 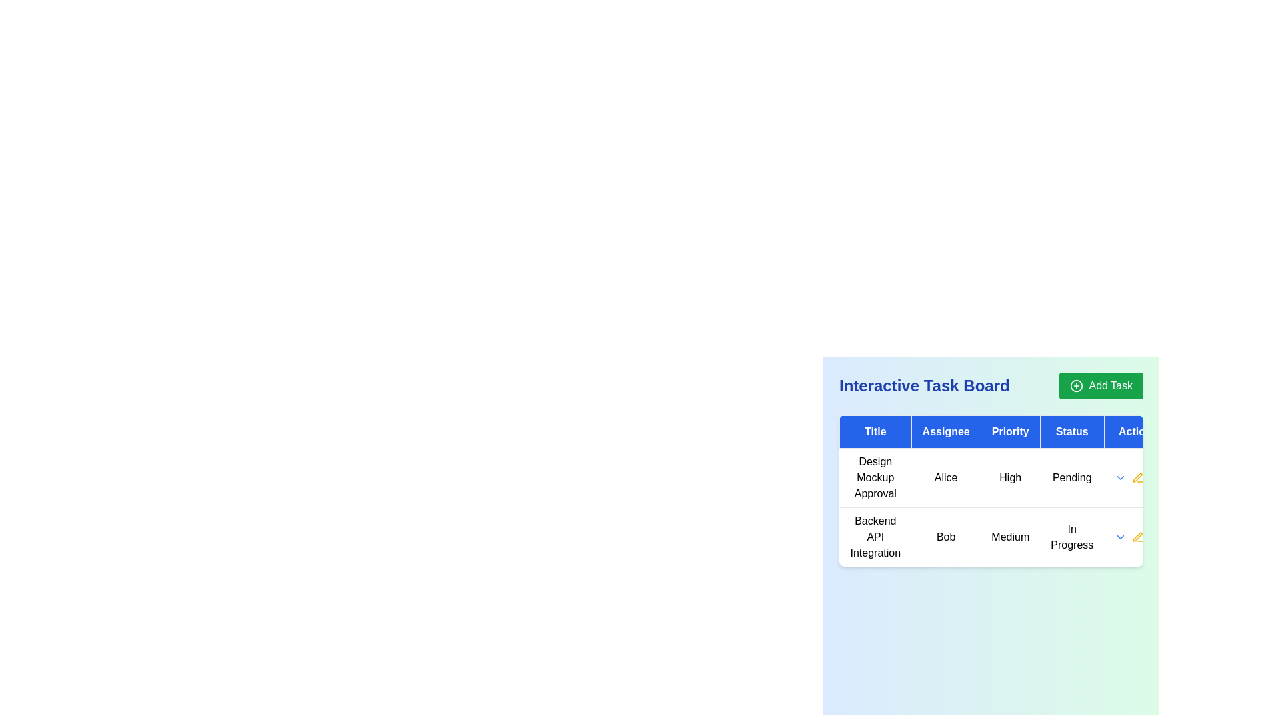 What do you see at coordinates (1137, 477) in the screenshot?
I see `the pencil icon located in the Action column of the data table to initiate the edit functionality for the corresponding row` at bounding box center [1137, 477].